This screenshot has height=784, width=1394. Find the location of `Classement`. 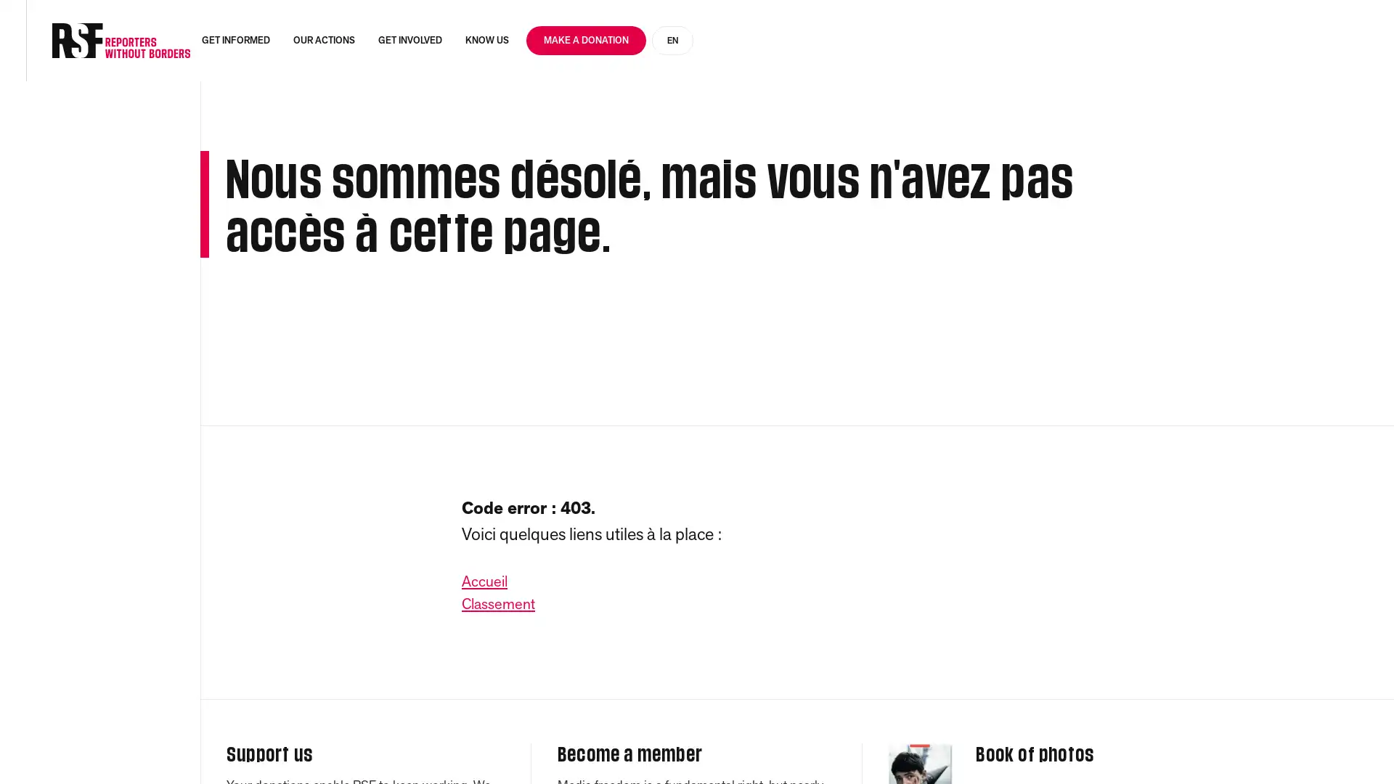

Classement is located at coordinates (504, 610).